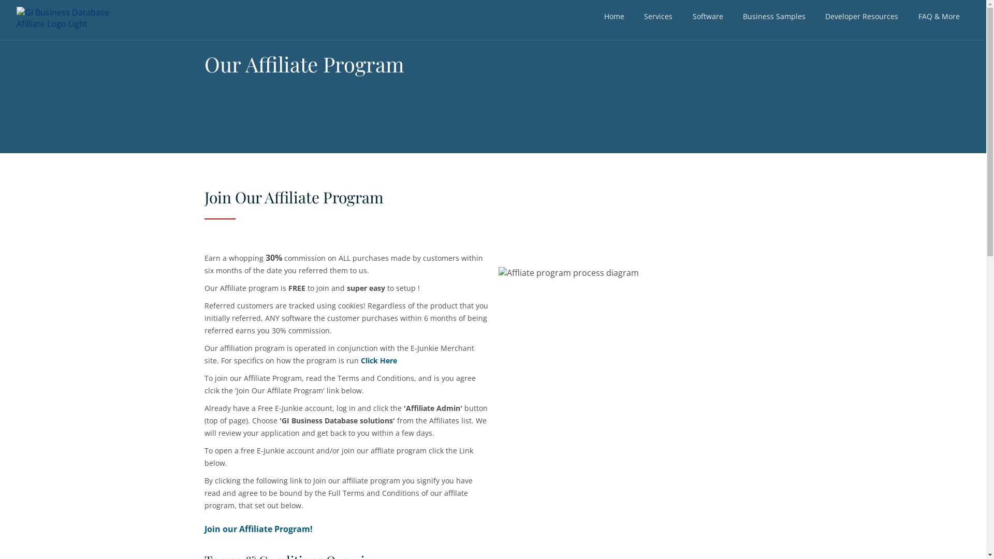  What do you see at coordinates (861, 16) in the screenshot?
I see `'Developer Resources'` at bounding box center [861, 16].